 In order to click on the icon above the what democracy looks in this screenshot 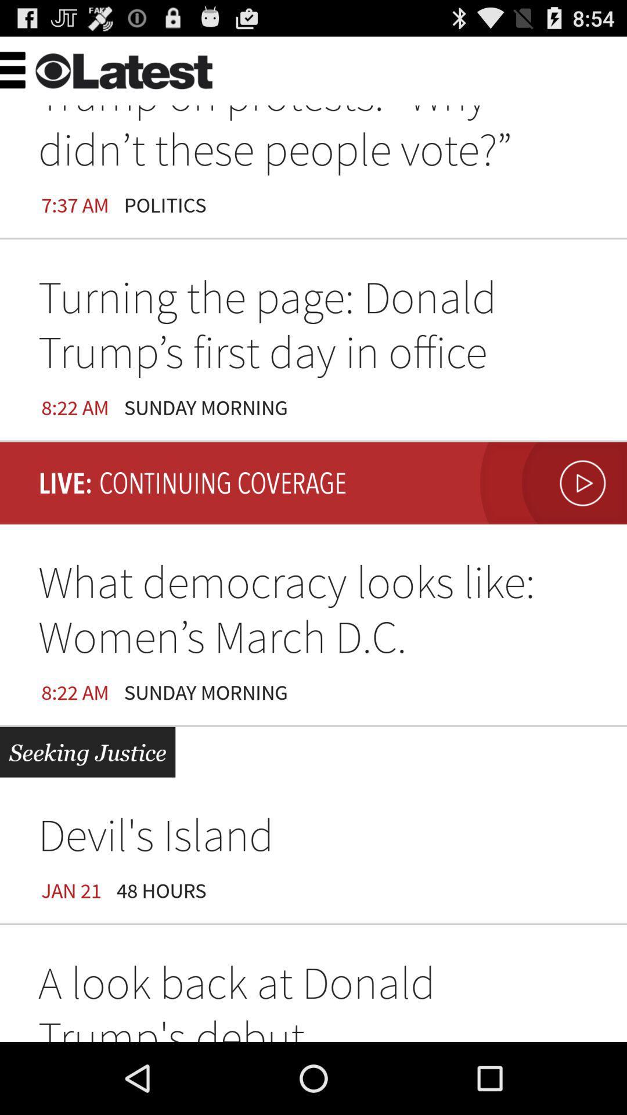, I will do `click(550, 483)`.